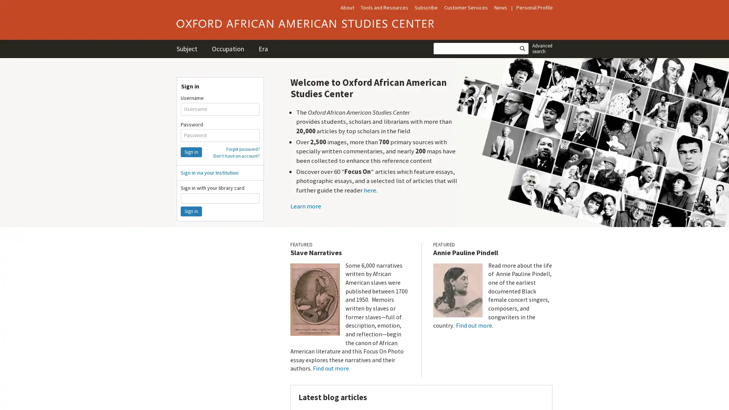 The image size is (729, 410). Describe the element at coordinates (186, 49) in the screenshot. I see `Subject` at that location.